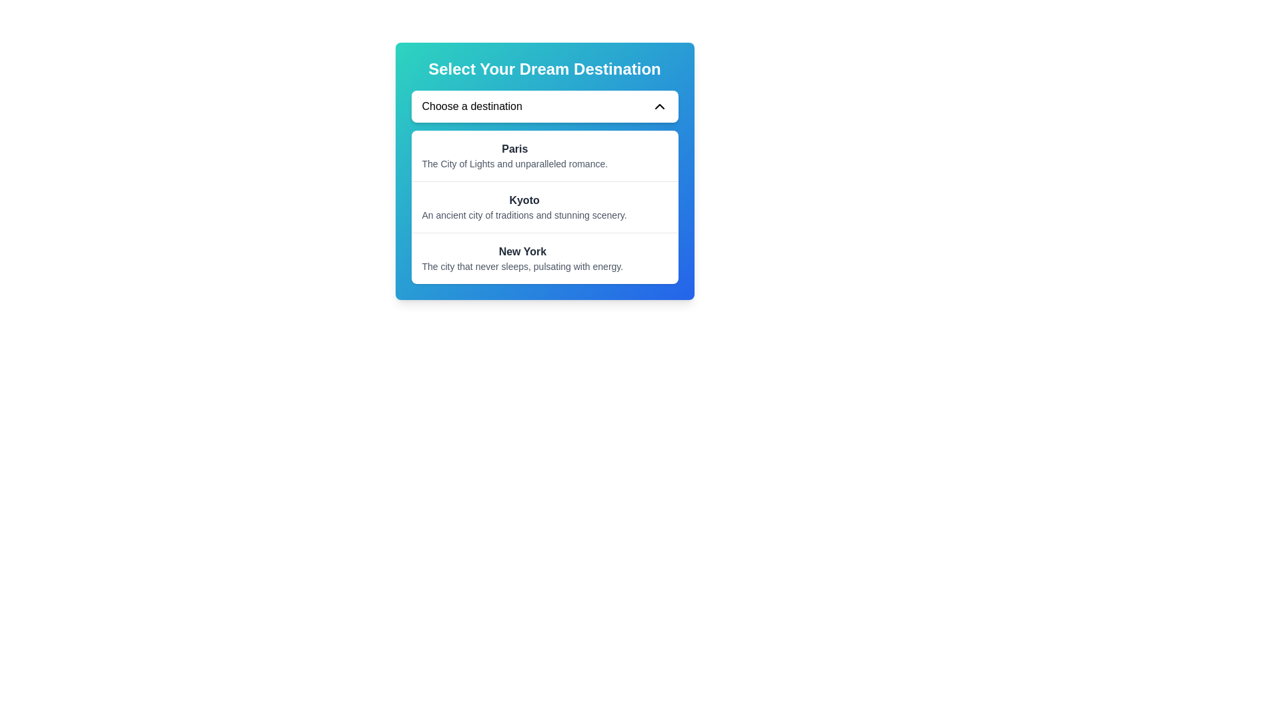 The width and height of the screenshot is (1281, 720). I want to click on the text block displaying 'Kyoto' which is the second option in the dropdown menu, so click(524, 207).